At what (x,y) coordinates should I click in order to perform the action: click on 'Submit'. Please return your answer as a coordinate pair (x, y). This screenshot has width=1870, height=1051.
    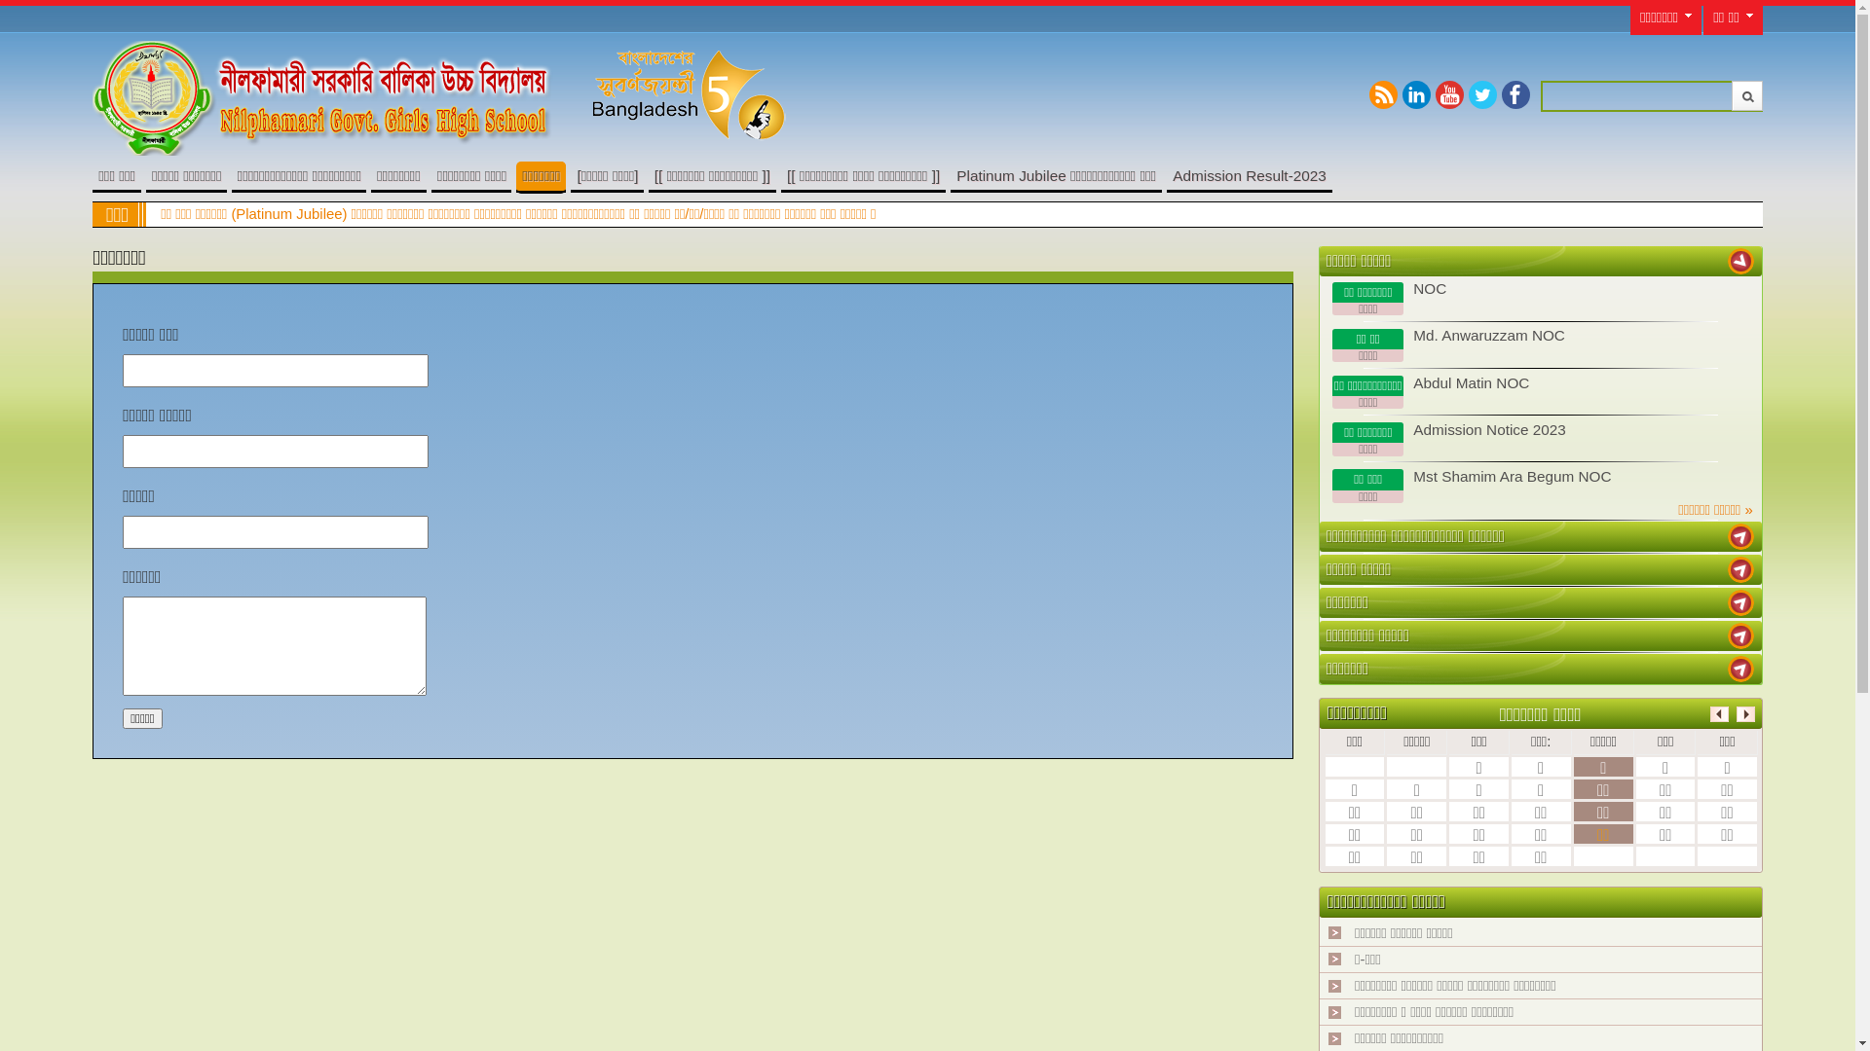
    Looking at the image, I should click on (1747, 95).